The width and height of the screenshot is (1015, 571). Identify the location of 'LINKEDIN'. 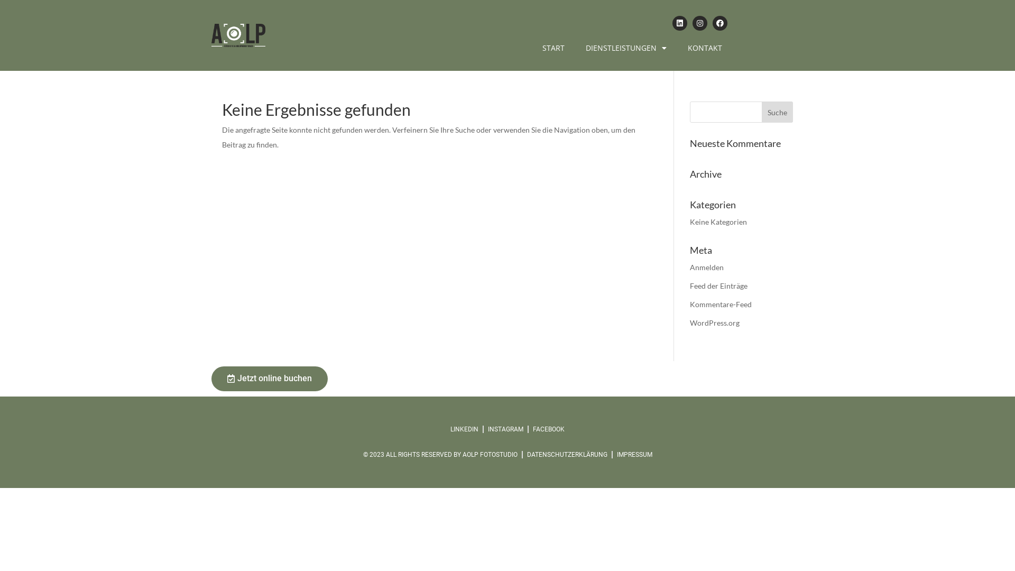
(464, 429).